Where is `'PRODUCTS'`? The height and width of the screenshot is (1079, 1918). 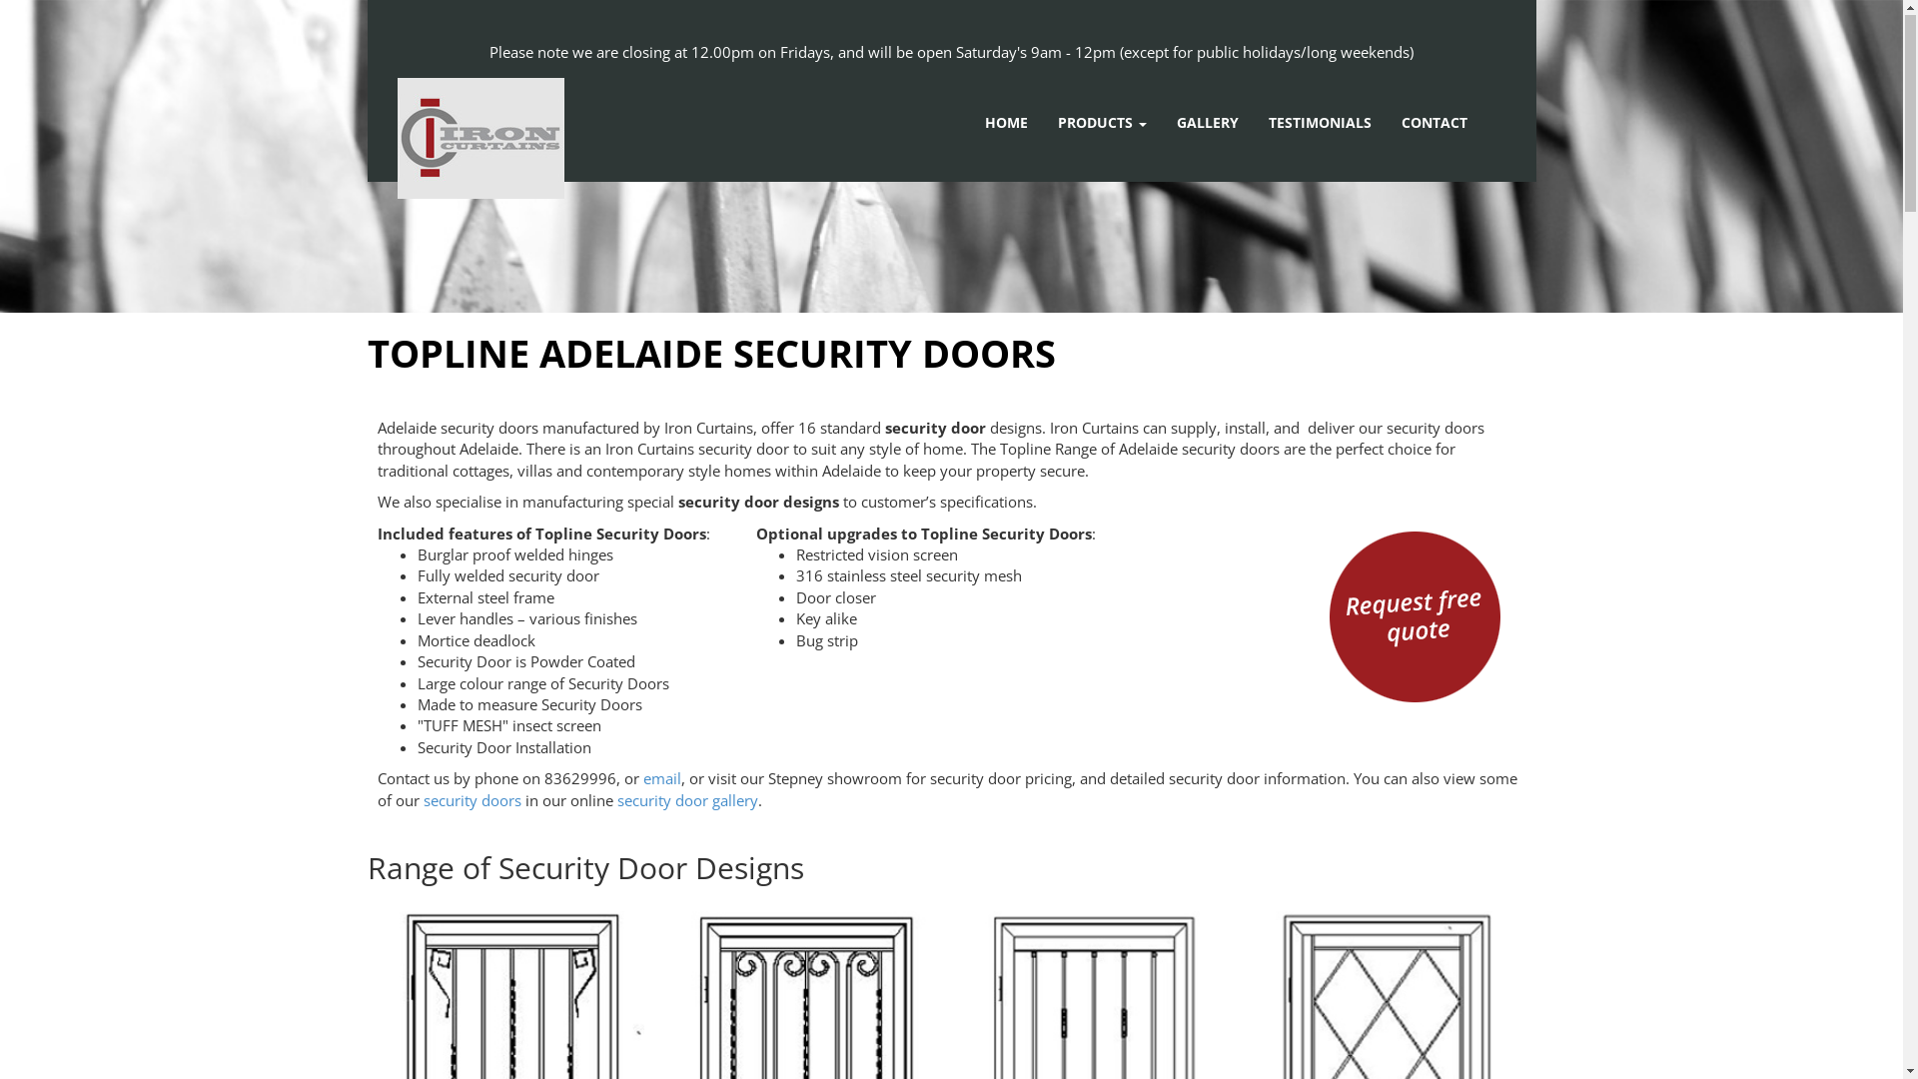 'PRODUCTS' is located at coordinates (1041, 123).